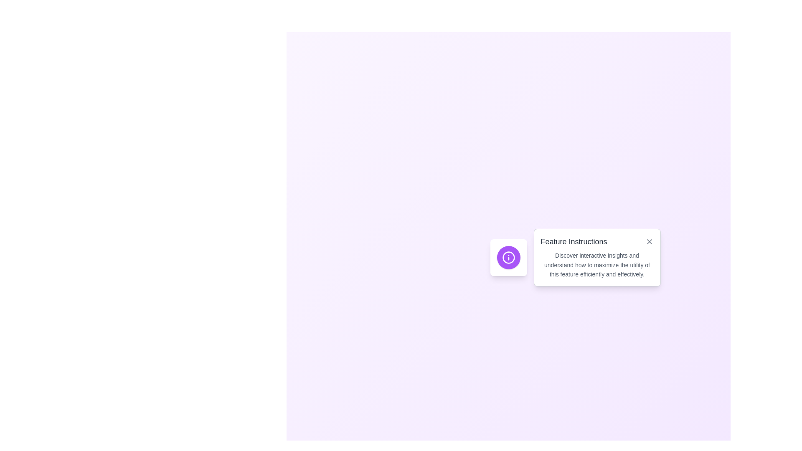  What do you see at coordinates (508, 257) in the screenshot?
I see `the purple circular SVG Icon featuring a white outline and central 'i' symbol` at bounding box center [508, 257].